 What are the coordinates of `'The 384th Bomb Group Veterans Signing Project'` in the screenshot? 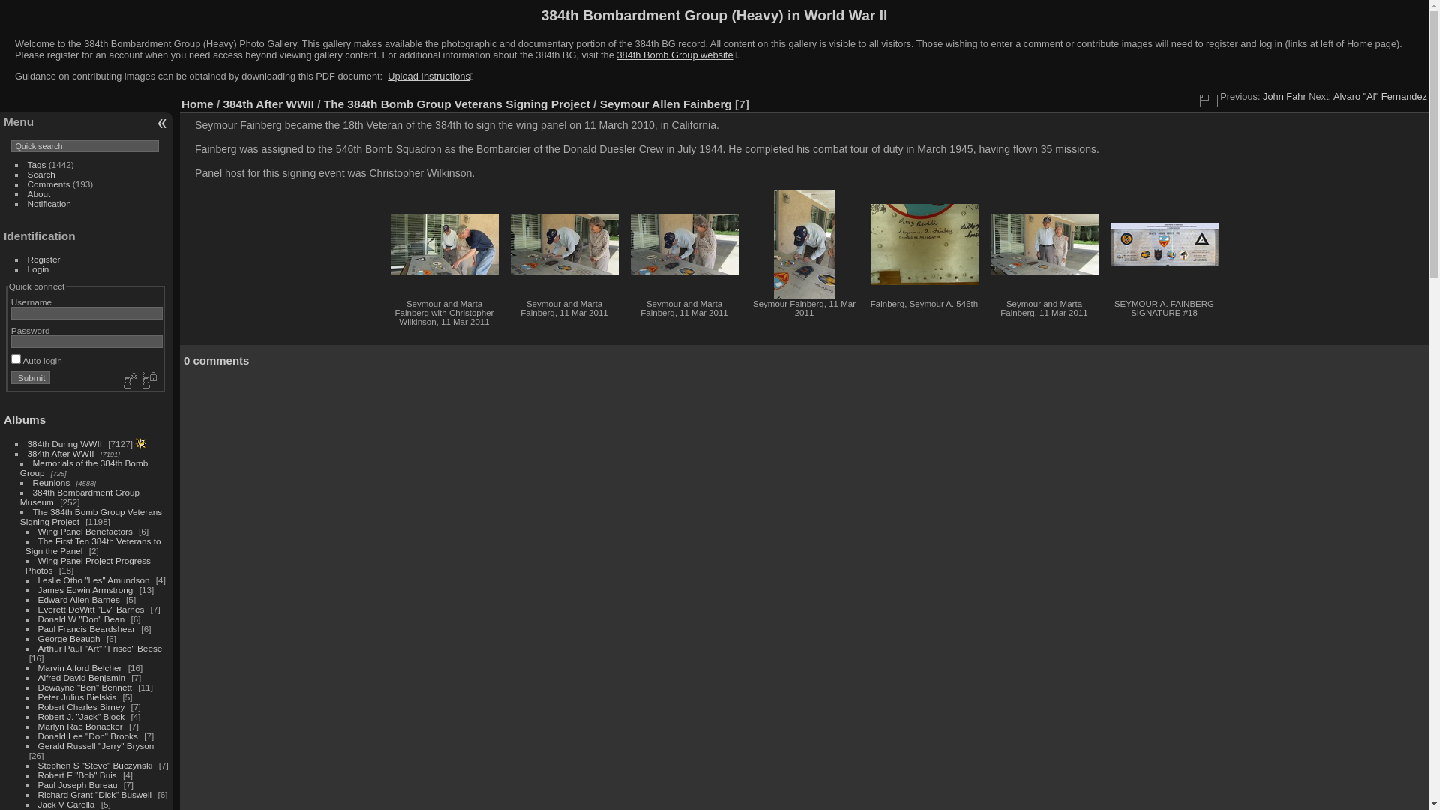 It's located at (456, 103).